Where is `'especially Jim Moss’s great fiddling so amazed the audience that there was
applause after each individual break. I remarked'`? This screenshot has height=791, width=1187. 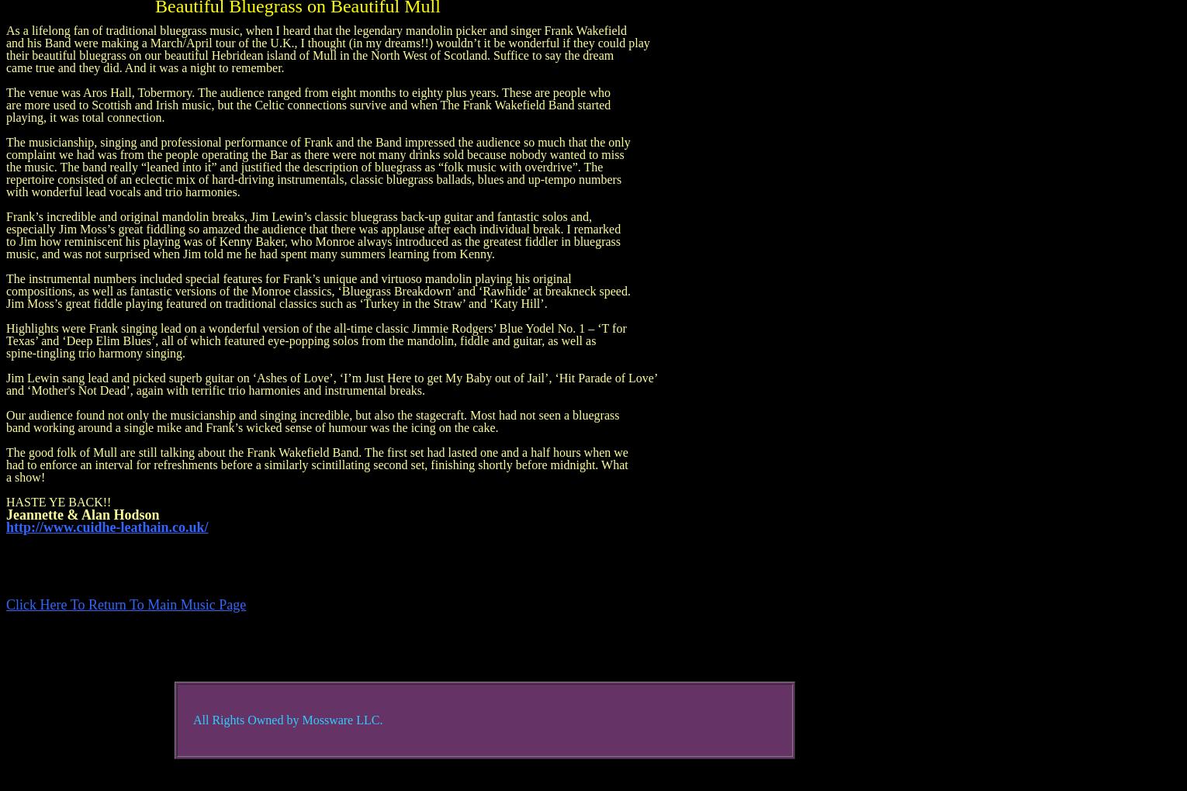
'especially Jim Moss’s great fiddling so amazed the audience that there was
applause after each individual break. I remarked' is located at coordinates (313, 228).